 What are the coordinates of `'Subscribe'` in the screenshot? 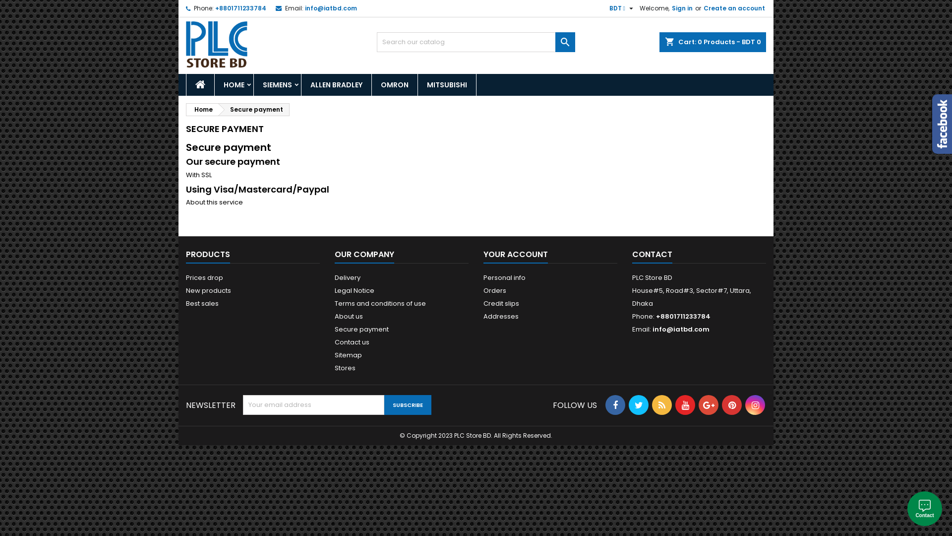 It's located at (408, 405).